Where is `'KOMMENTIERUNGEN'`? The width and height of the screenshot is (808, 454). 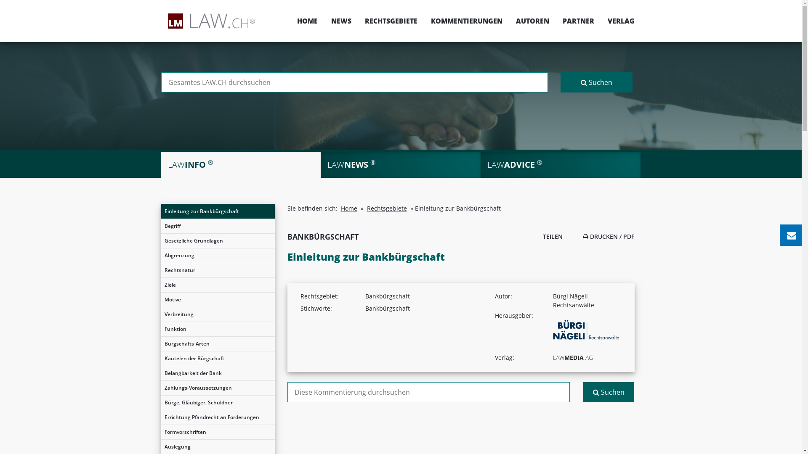 'KOMMENTIERUNGEN' is located at coordinates (466, 21).